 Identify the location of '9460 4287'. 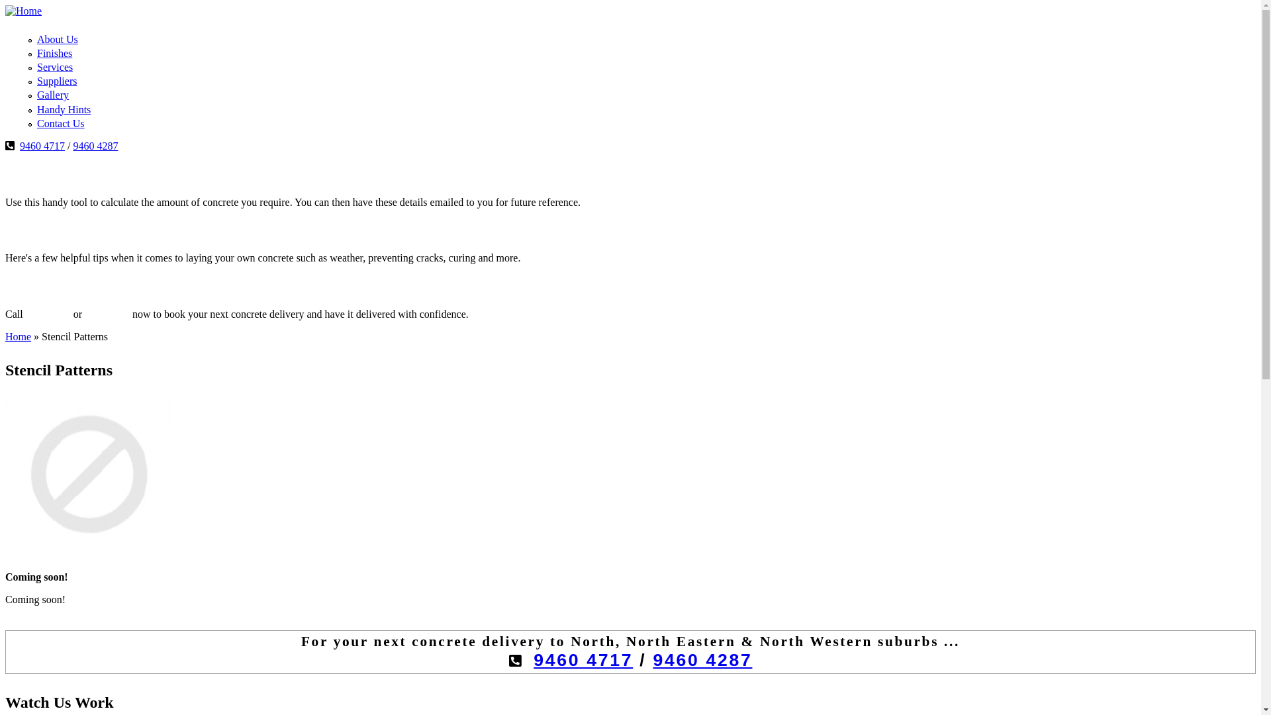
(95, 146).